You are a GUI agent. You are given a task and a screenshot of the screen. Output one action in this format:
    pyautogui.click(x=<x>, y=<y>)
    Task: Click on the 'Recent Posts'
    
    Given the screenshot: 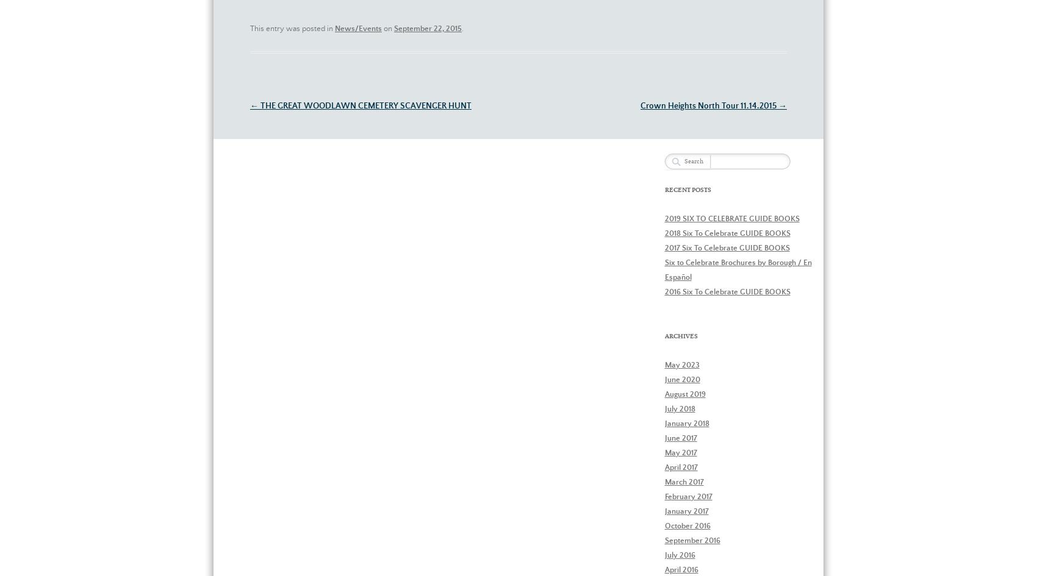 What is the action you would take?
    pyautogui.click(x=687, y=189)
    